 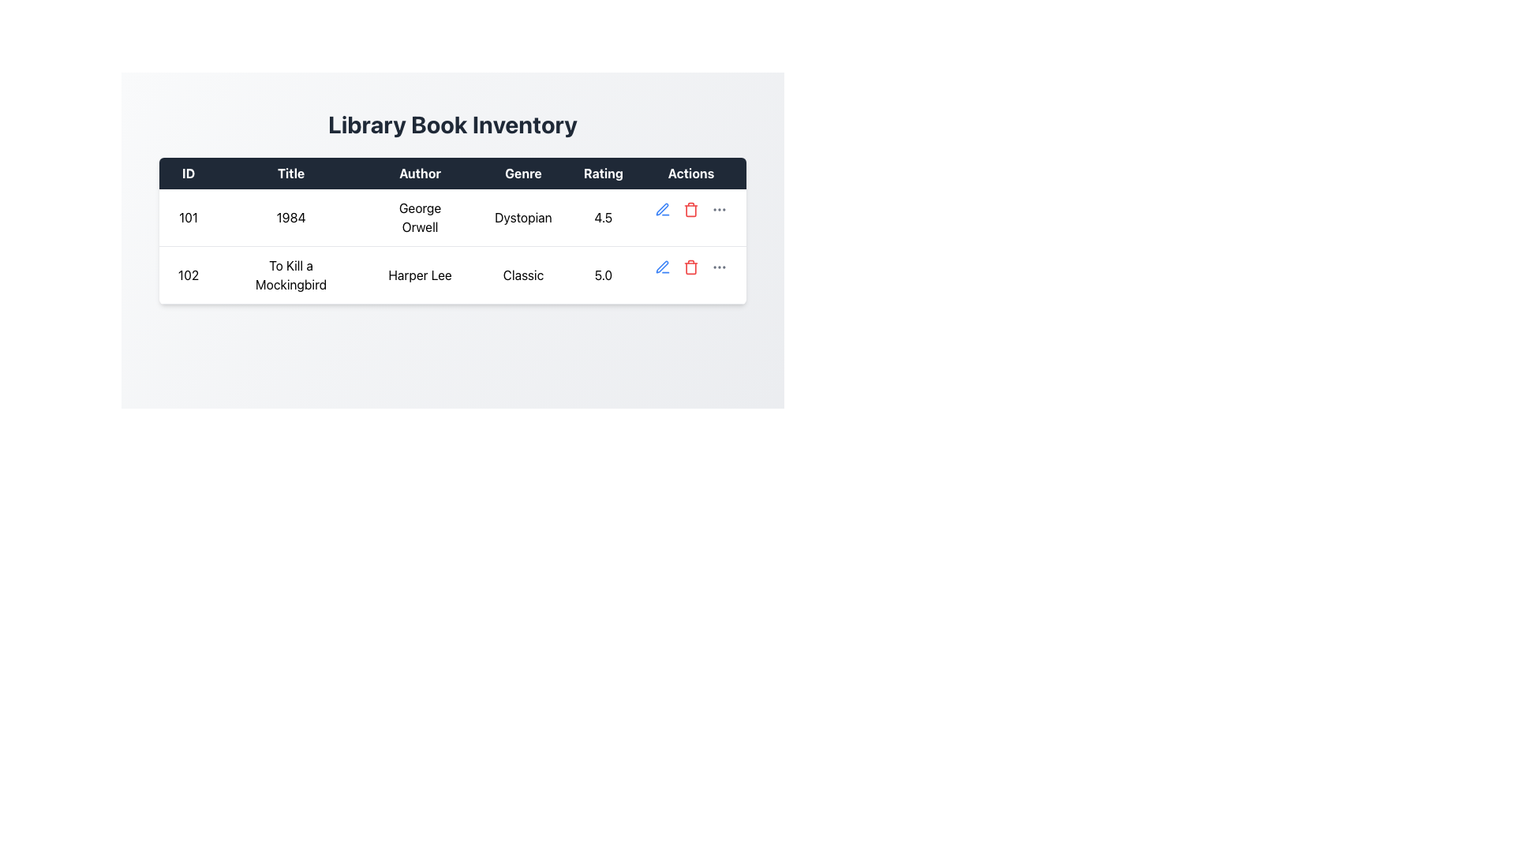 I want to click on the delete icon located in the 'Actions' cell of the first row in the data table, so click(x=690, y=207).